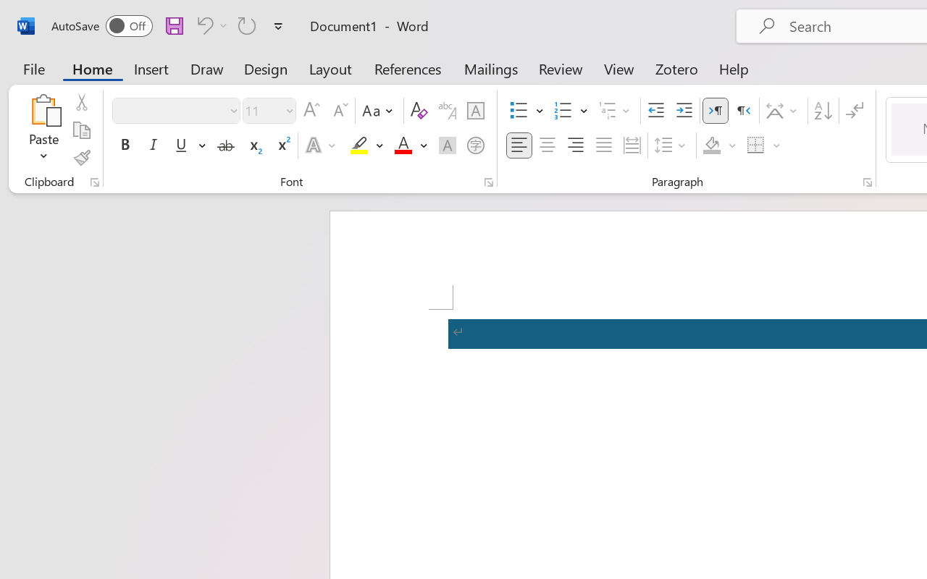  Describe the element at coordinates (202, 25) in the screenshot. I see `'Undo Apply Quick Style Set'` at that location.